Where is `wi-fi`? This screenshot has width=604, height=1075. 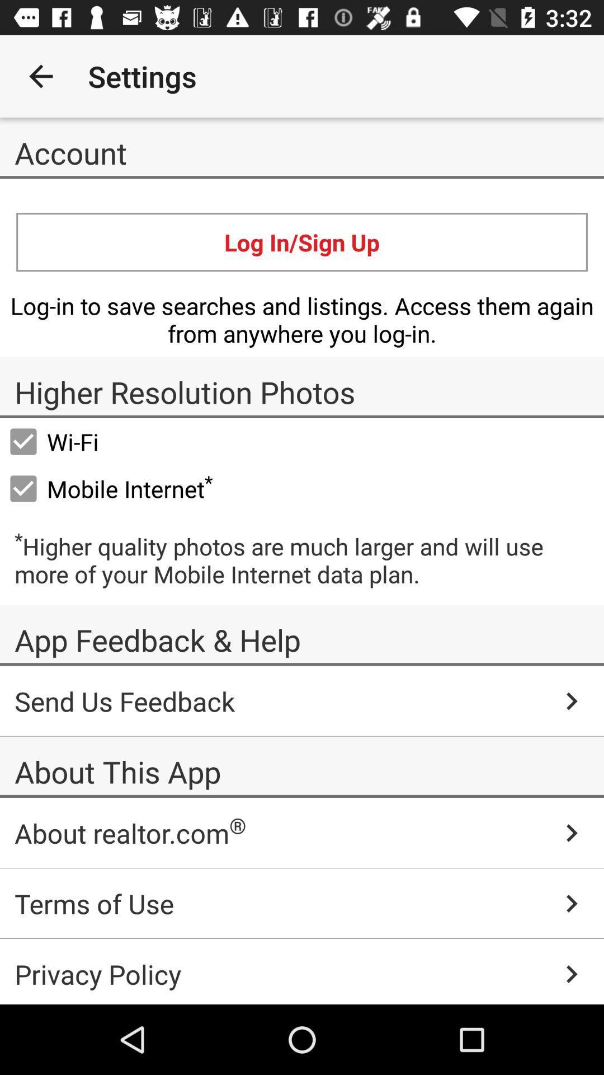
wi-fi is located at coordinates (53, 441).